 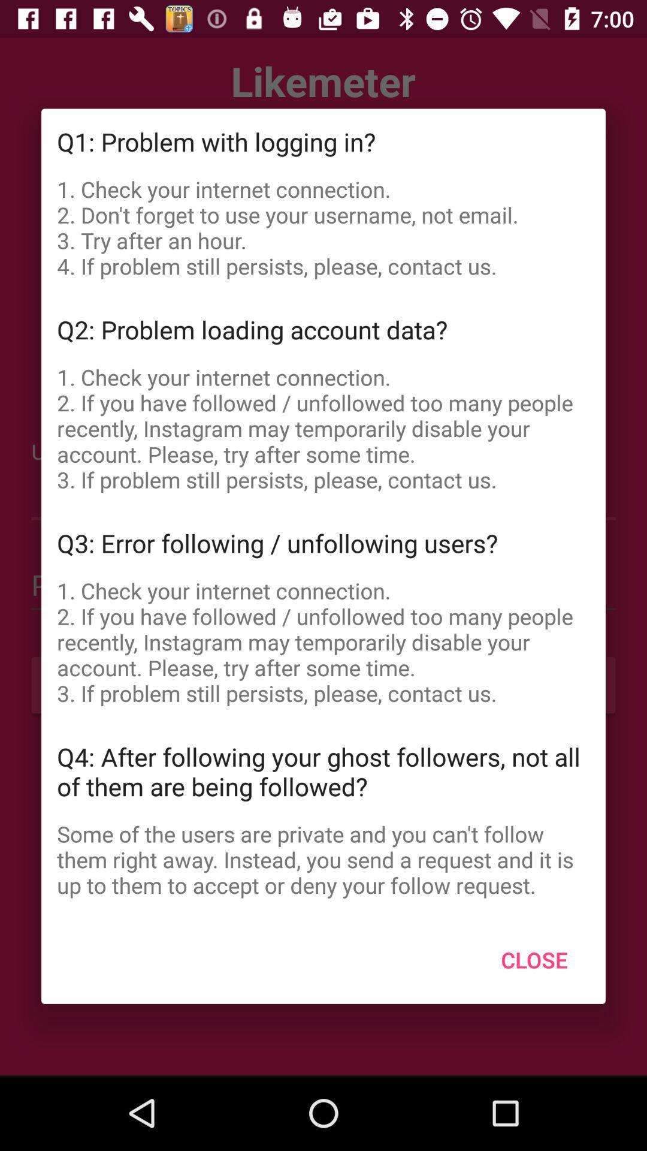 What do you see at coordinates (534, 960) in the screenshot?
I see `the close icon` at bounding box center [534, 960].